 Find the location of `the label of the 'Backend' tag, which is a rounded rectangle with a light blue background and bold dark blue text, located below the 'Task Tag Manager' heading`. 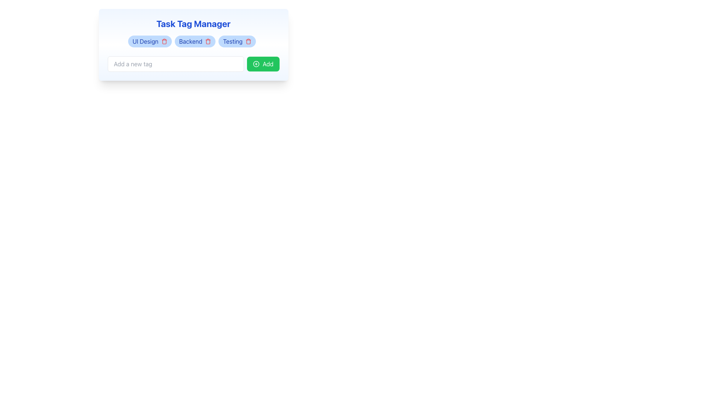

the label of the 'Backend' tag, which is a rounded rectangle with a light blue background and bold dark blue text, located below the 'Task Tag Manager' heading is located at coordinates (195, 41).